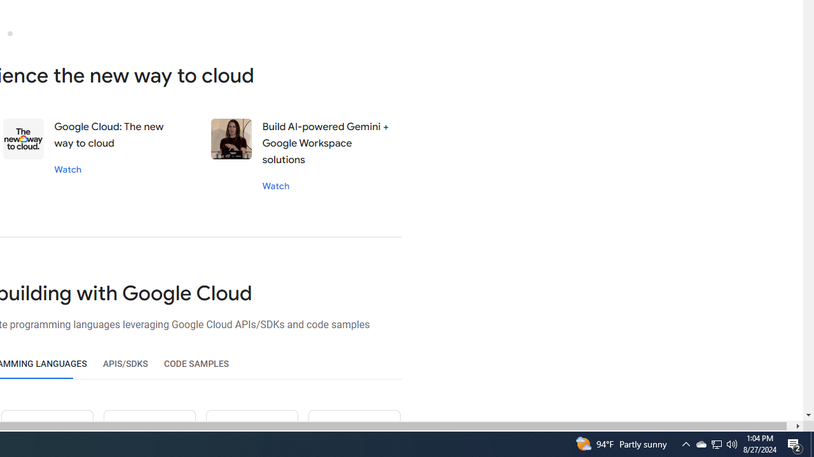  I want to click on 'APIS/SDKS', so click(125, 364).